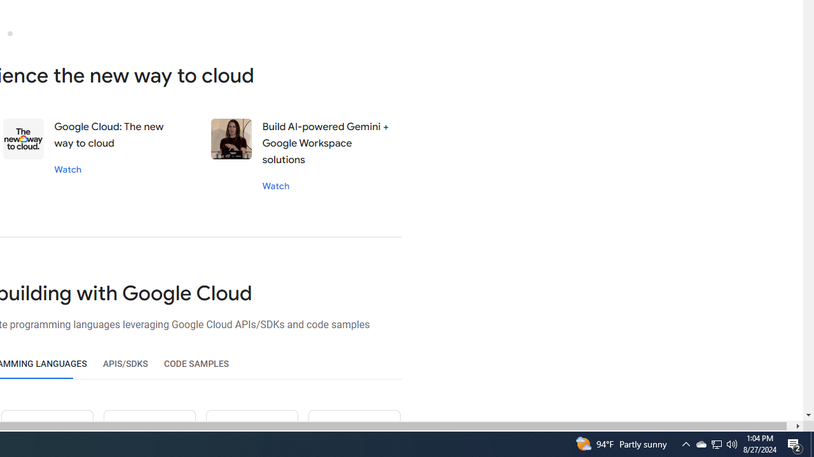  I want to click on 'APIS/SDKS', so click(125, 364).